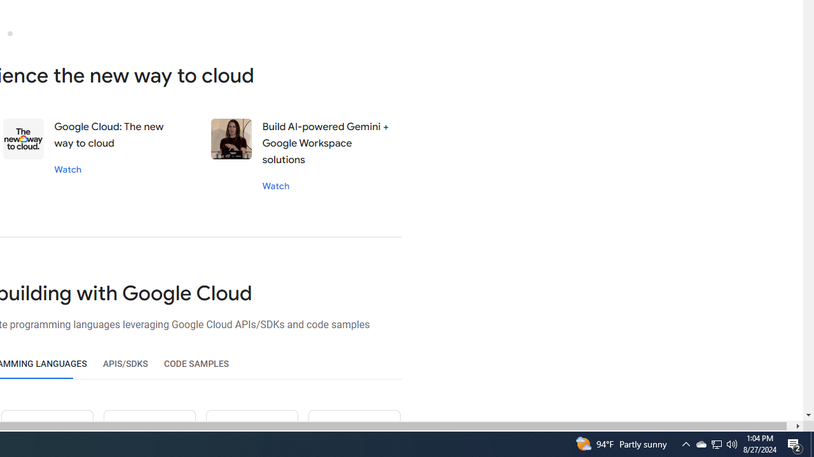  I want to click on 'APIS/SDKS', so click(125, 364).